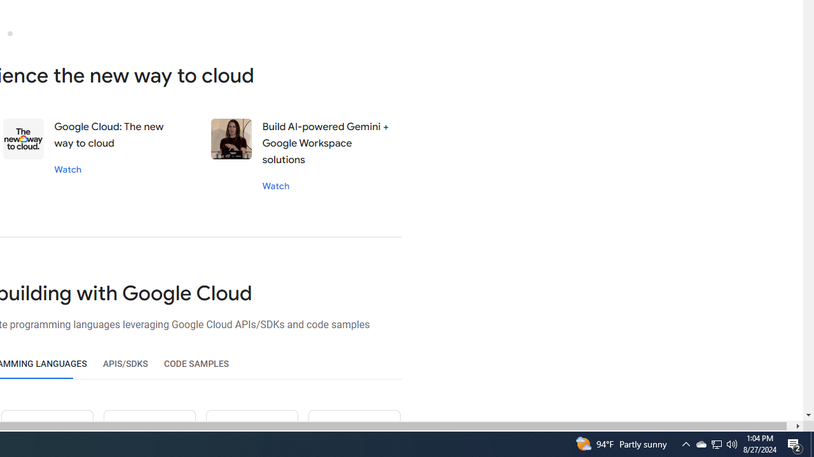  I want to click on 'APIS/SDKS', so click(125, 364).